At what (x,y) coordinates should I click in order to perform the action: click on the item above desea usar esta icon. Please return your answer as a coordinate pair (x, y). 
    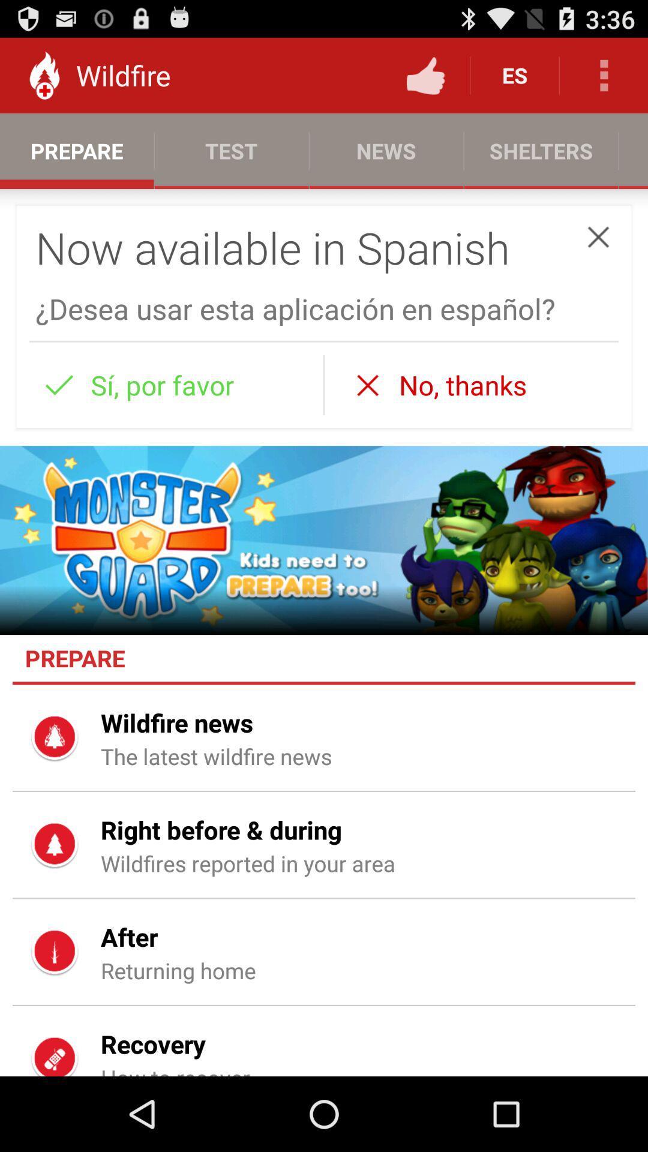
    Looking at the image, I should click on (598, 237).